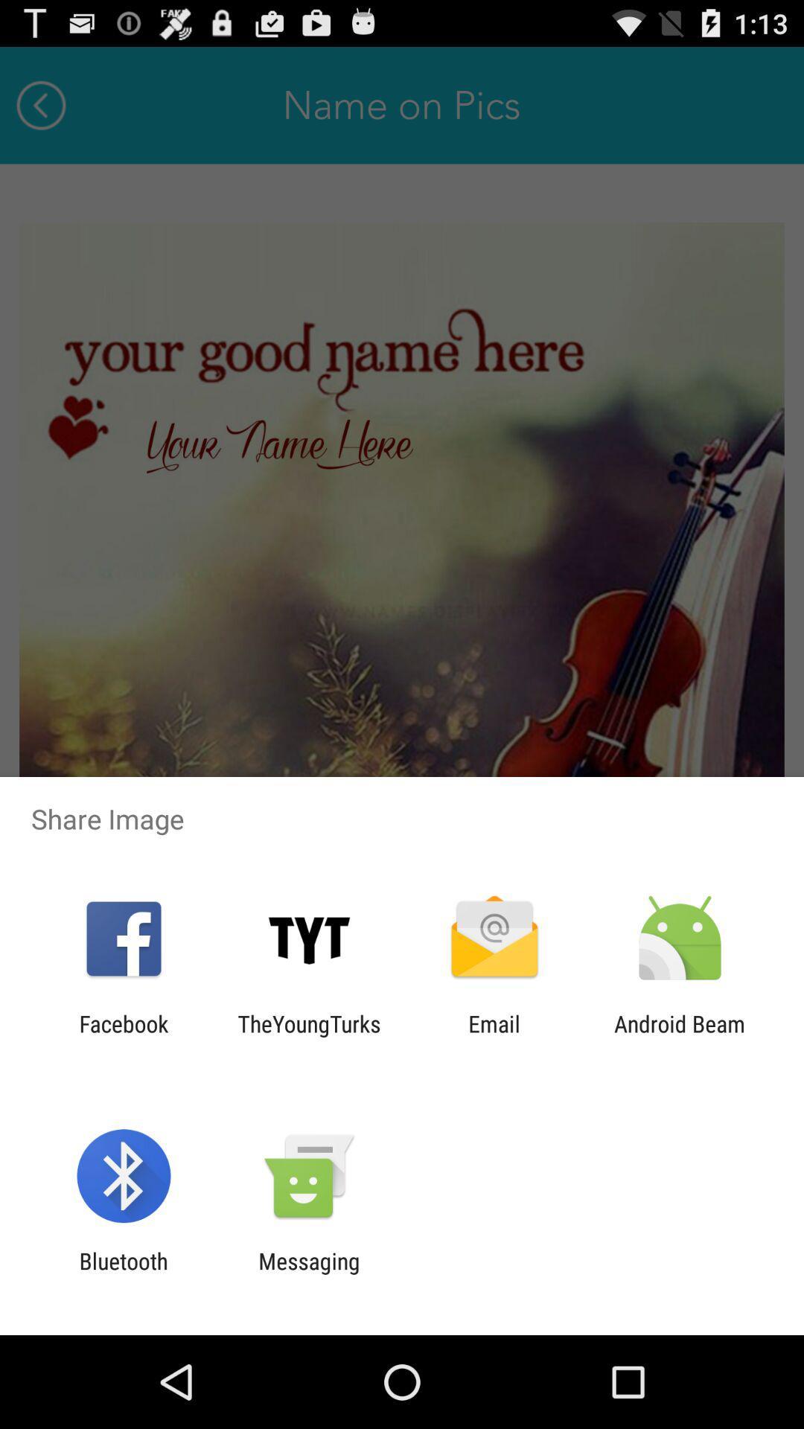 The height and width of the screenshot is (1429, 804). I want to click on the icon to the left of the android beam icon, so click(494, 1036).